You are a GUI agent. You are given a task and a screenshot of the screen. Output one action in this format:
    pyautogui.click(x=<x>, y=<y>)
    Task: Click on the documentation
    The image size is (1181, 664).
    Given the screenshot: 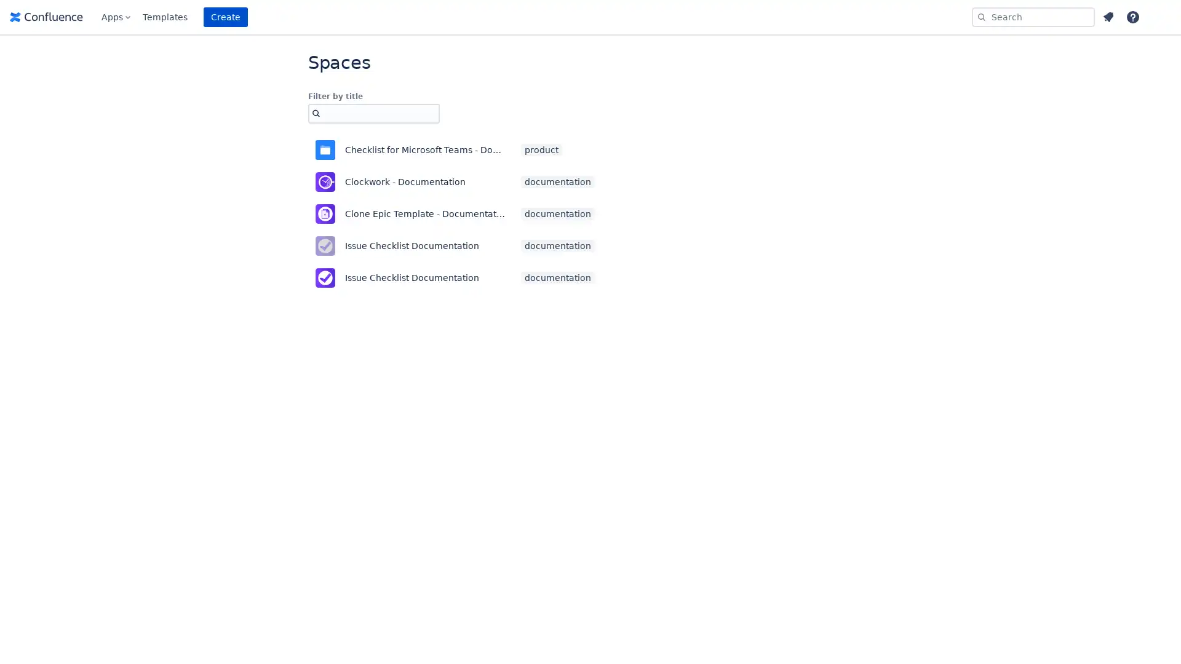 What is the action you would take?
    pyautogui.click(x=557, y=246)
    